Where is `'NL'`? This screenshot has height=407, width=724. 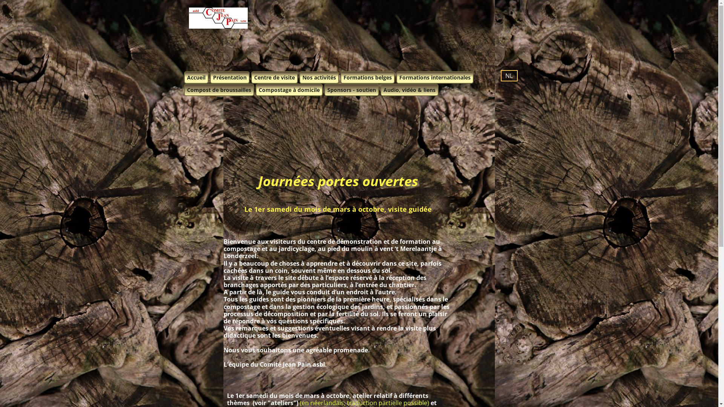 'NL' is located at coordinates (509, 75).